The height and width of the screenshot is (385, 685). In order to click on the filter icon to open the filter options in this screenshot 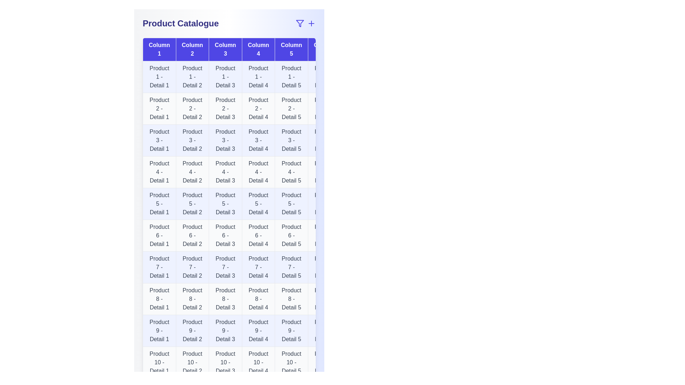, I will do `click(300, 23)`.